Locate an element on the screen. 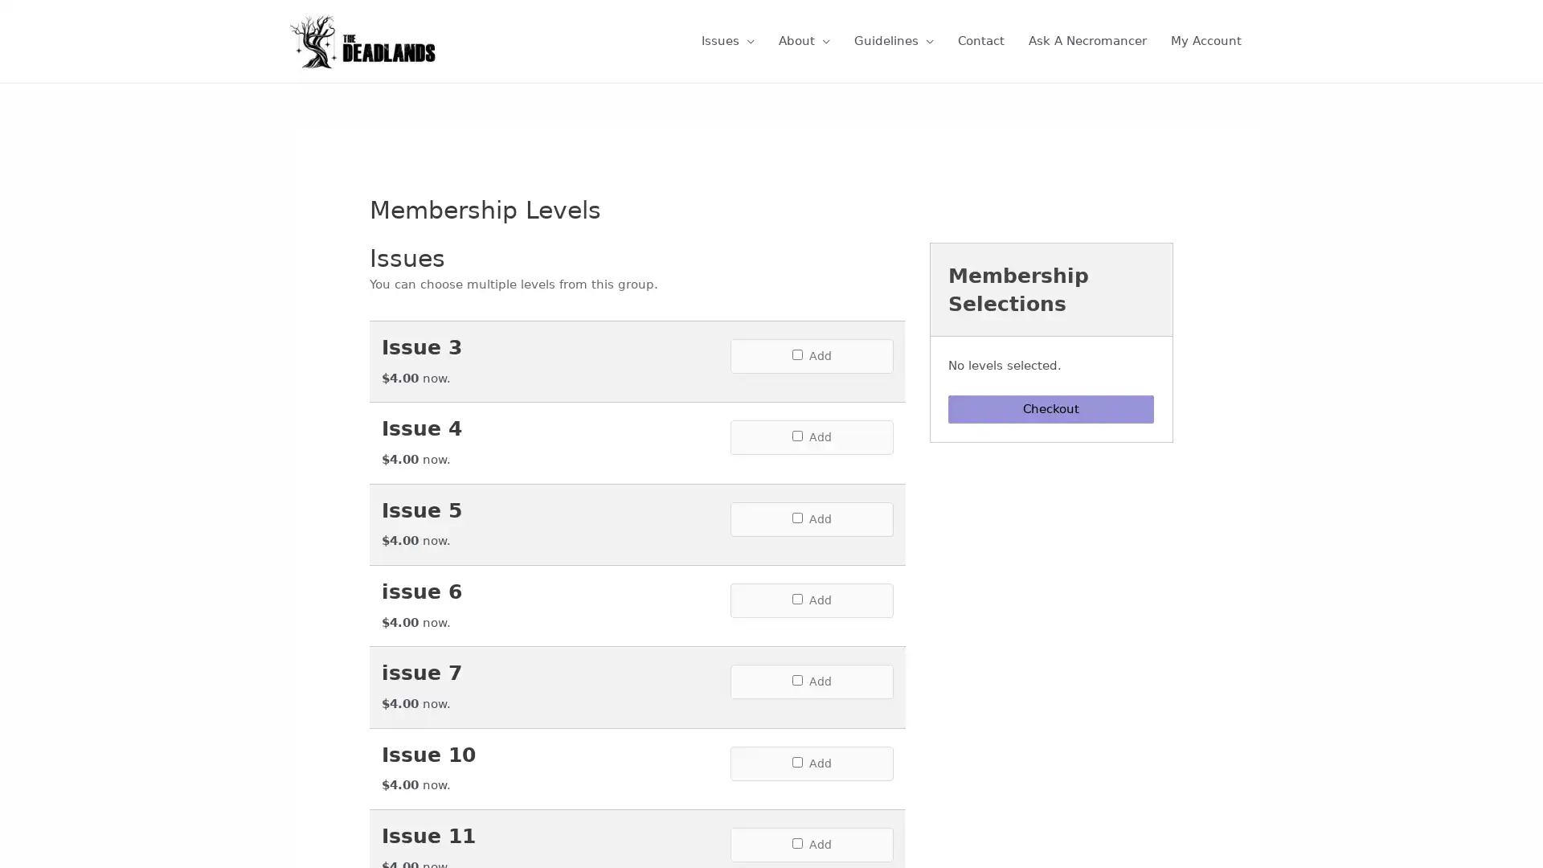 The width and height of the screenshot is (1543, 868). Checkout is located at coordinates (1051, 425).